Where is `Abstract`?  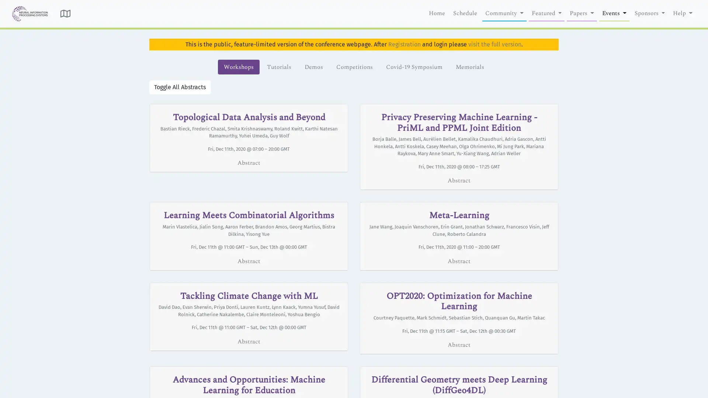 Abstract is located at coordinates (458, 261).